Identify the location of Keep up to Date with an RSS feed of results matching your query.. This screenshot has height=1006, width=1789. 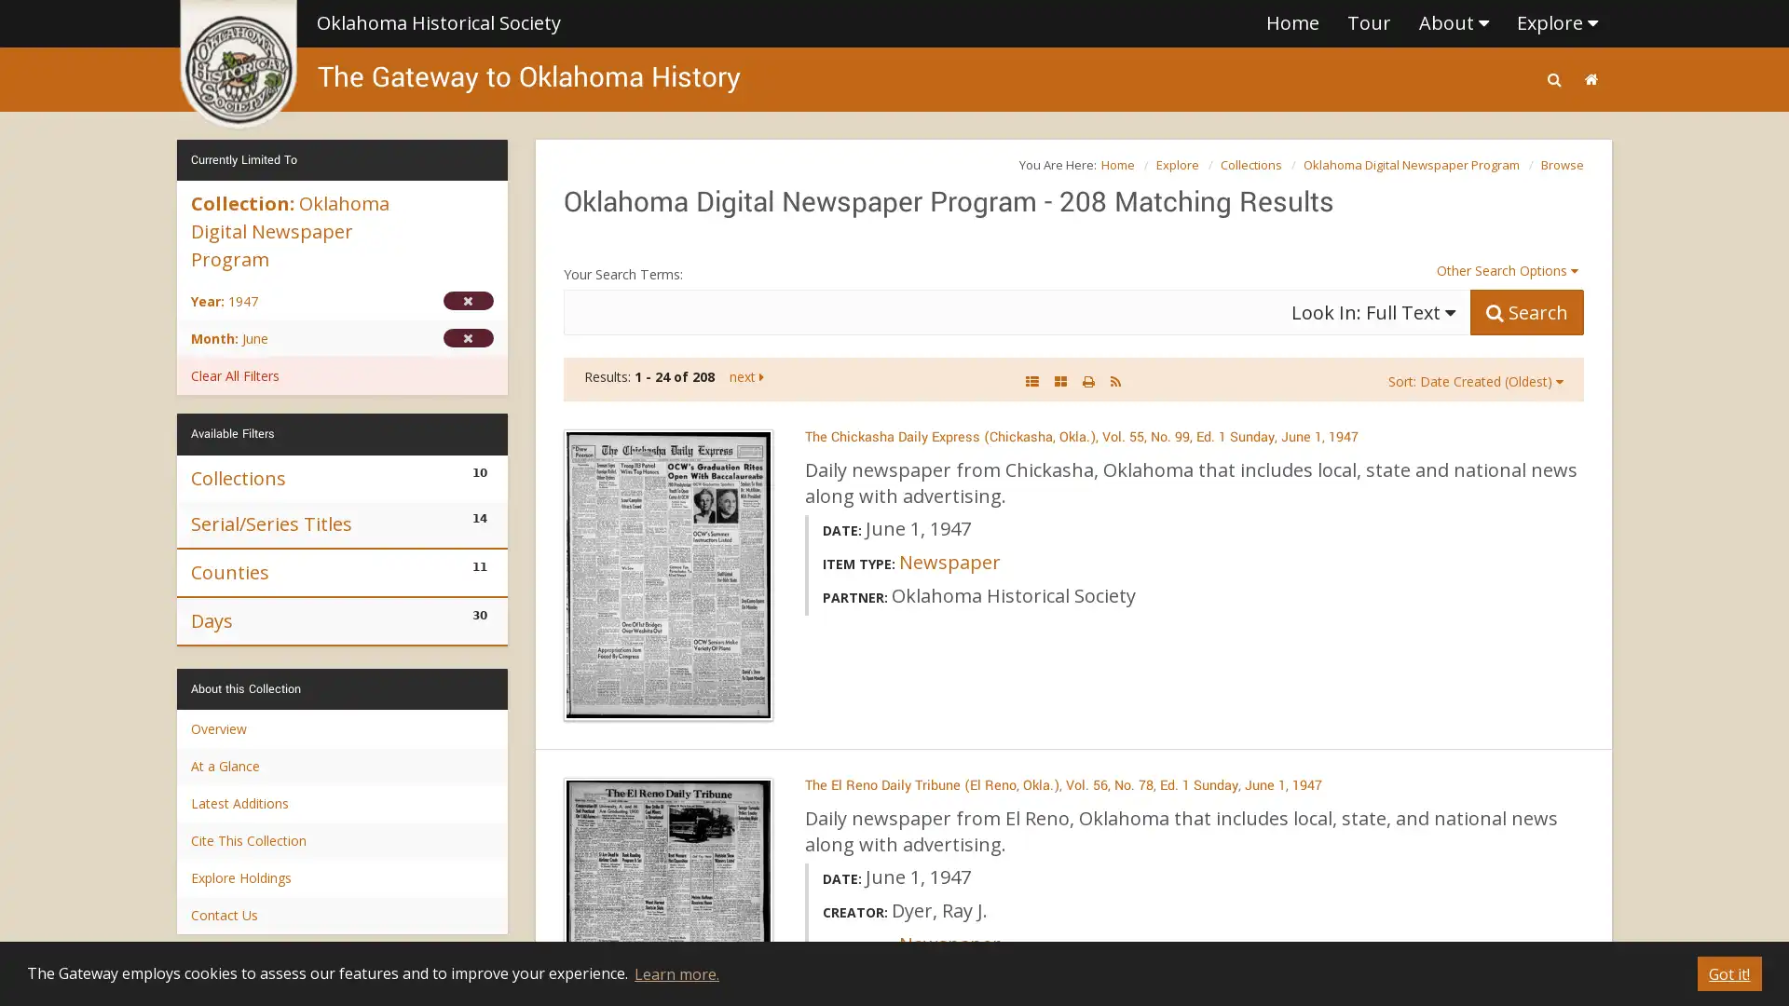
(1115, 379).